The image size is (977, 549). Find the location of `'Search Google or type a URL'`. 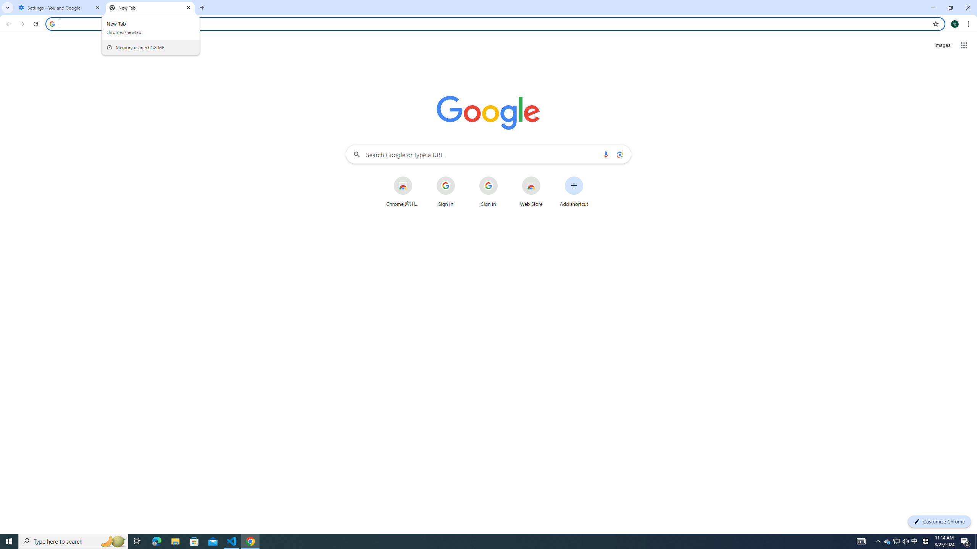

'Search Google or type a URL' is located at coordinates (488, 154).